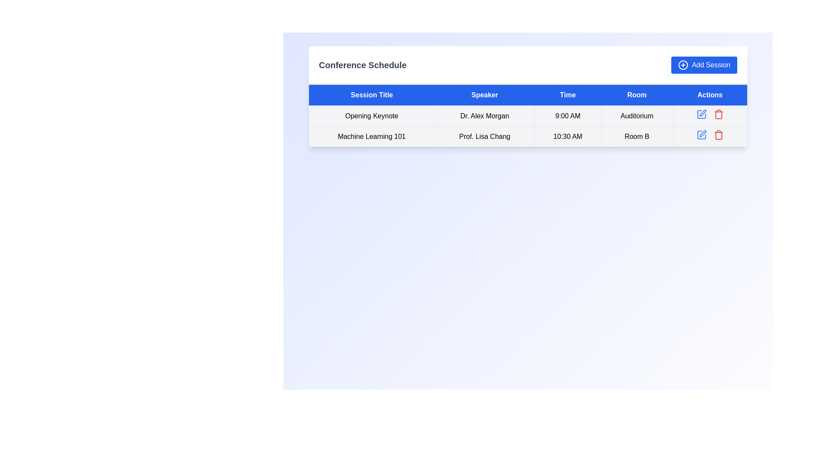 The image size is (823, 463). I want to click on the icon button in the 'Actions' column of the second row, so click(701, 135).